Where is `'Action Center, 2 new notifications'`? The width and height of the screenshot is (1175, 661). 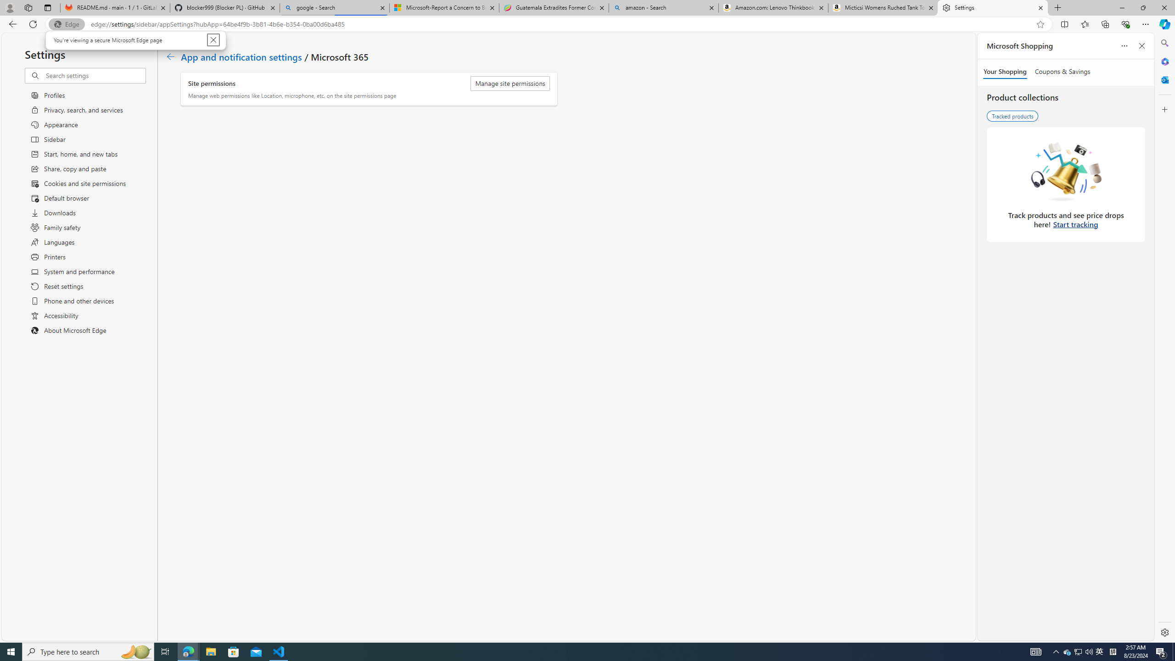
'Action Center, 2 new notifications' is located at coordinates (1161, 651).